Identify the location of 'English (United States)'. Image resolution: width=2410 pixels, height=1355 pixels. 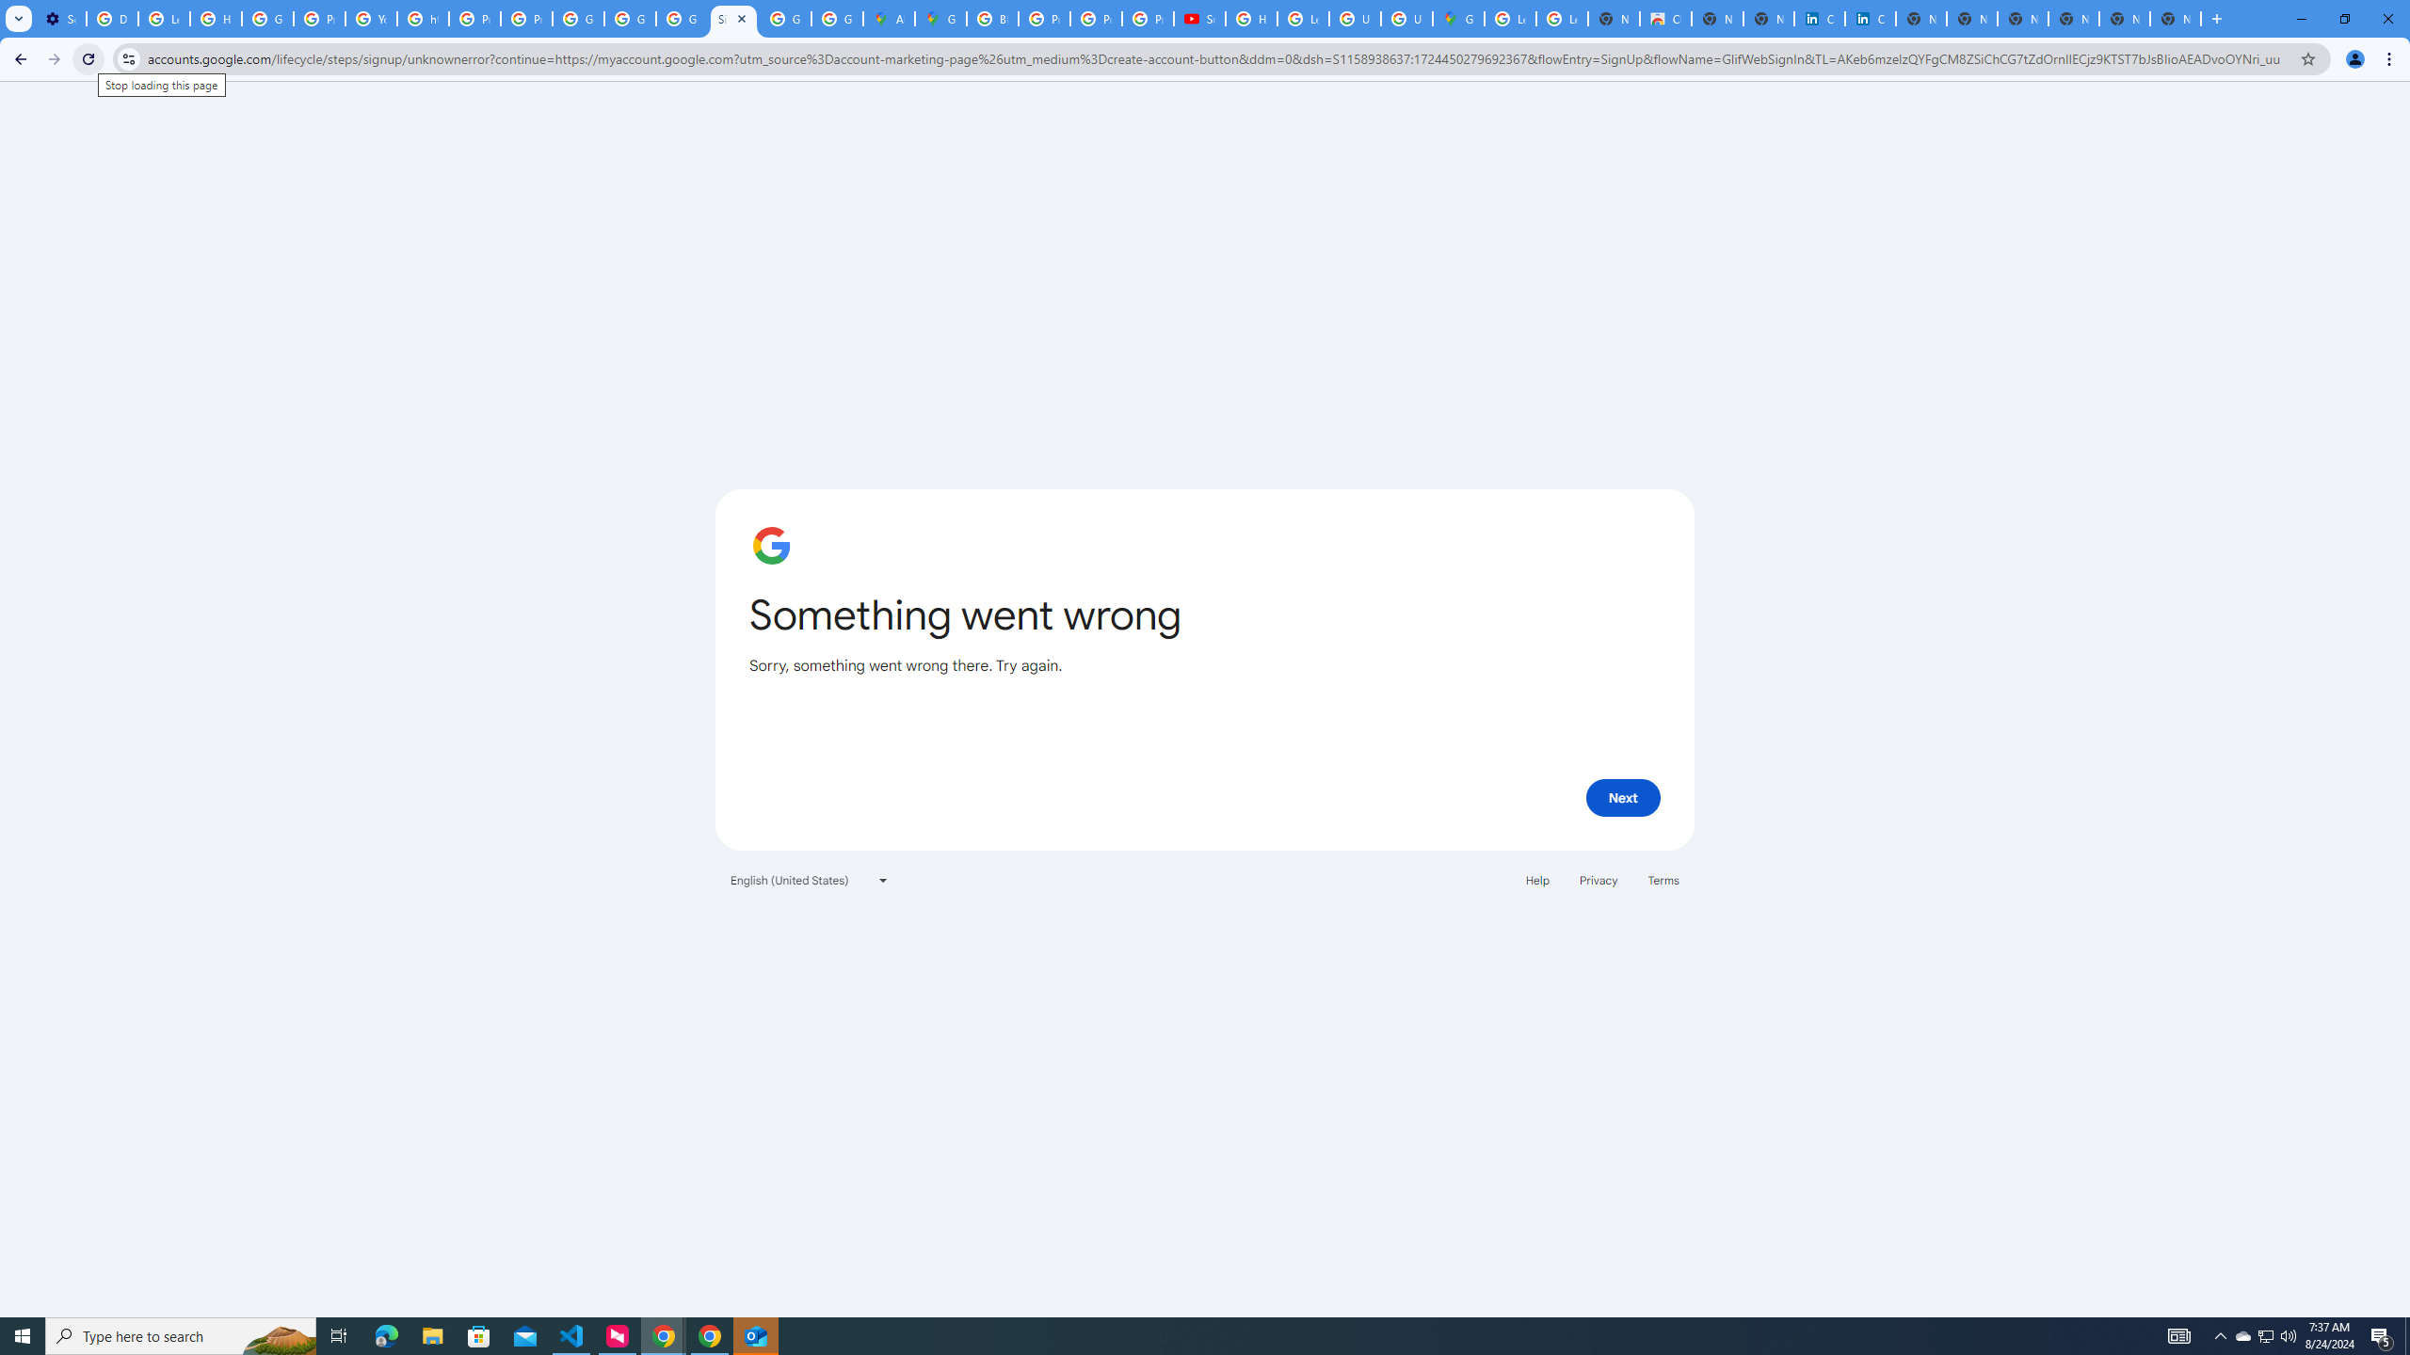
(810, 879).